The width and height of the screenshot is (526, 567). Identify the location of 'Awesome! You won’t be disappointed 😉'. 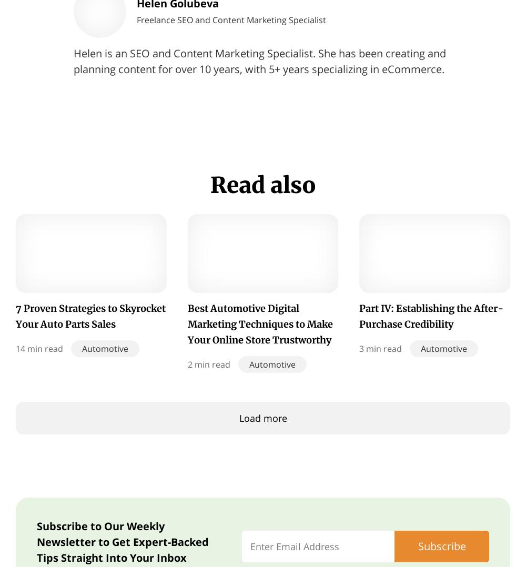
(365, 541).